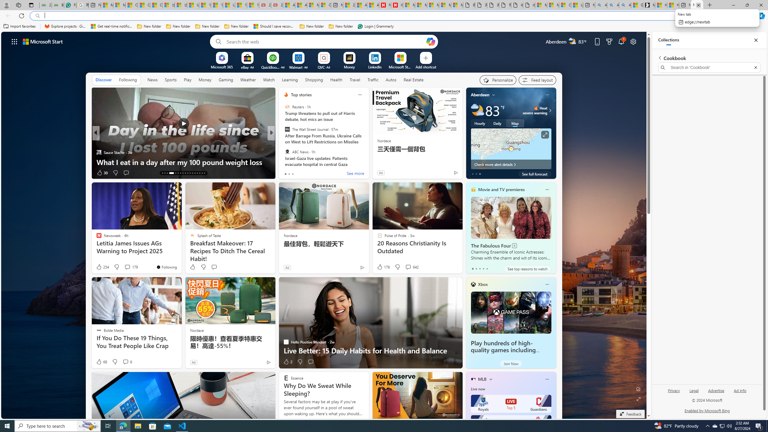 Image resolution: width=768 pixels, height=432 pixels. What do you see at coordinates (535, 110) in the screenshot?
I see `'Heat - Severe Heat severe warning'` at bounding box center [535, 110].